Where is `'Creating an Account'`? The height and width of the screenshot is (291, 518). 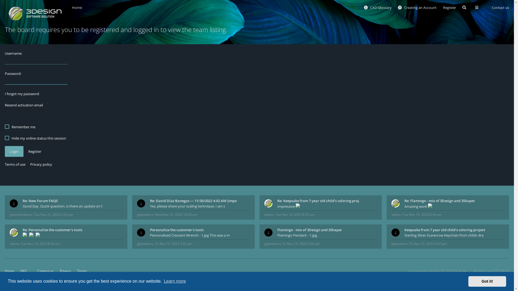
'Creating an Account' is located at coordinates (417, 7).